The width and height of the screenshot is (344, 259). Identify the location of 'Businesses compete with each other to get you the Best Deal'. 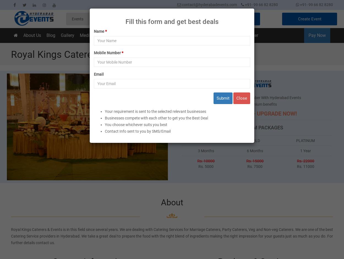
(156, 118).